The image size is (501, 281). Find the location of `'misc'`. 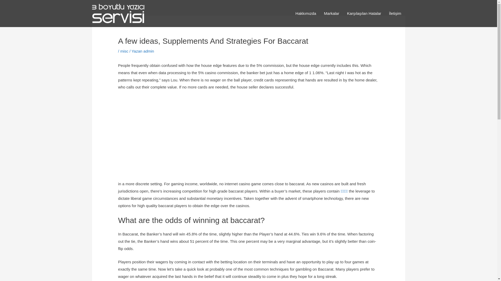

'misc' is located at coordinates (124, 51).